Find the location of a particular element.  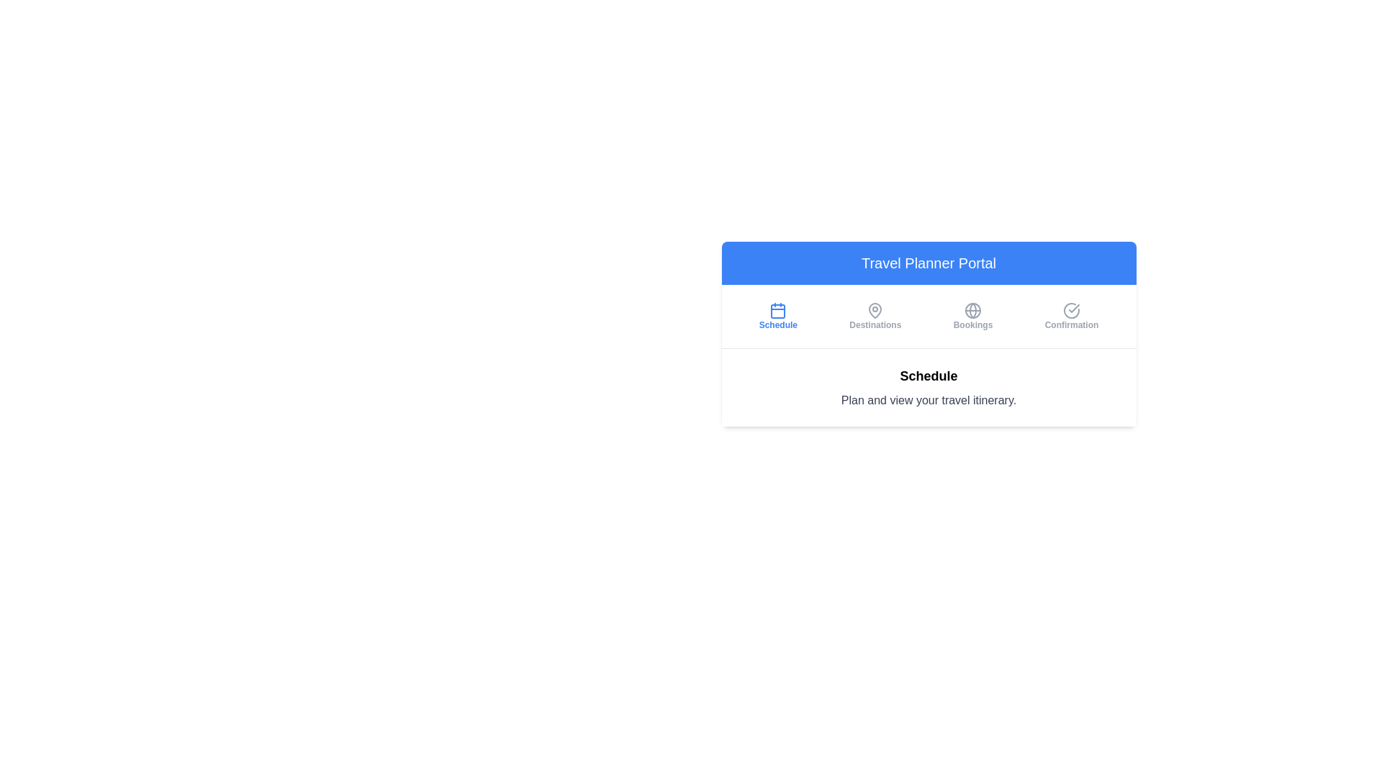

the tab labeled Bookings to navigate to its content is located at coordinates (973, 315).